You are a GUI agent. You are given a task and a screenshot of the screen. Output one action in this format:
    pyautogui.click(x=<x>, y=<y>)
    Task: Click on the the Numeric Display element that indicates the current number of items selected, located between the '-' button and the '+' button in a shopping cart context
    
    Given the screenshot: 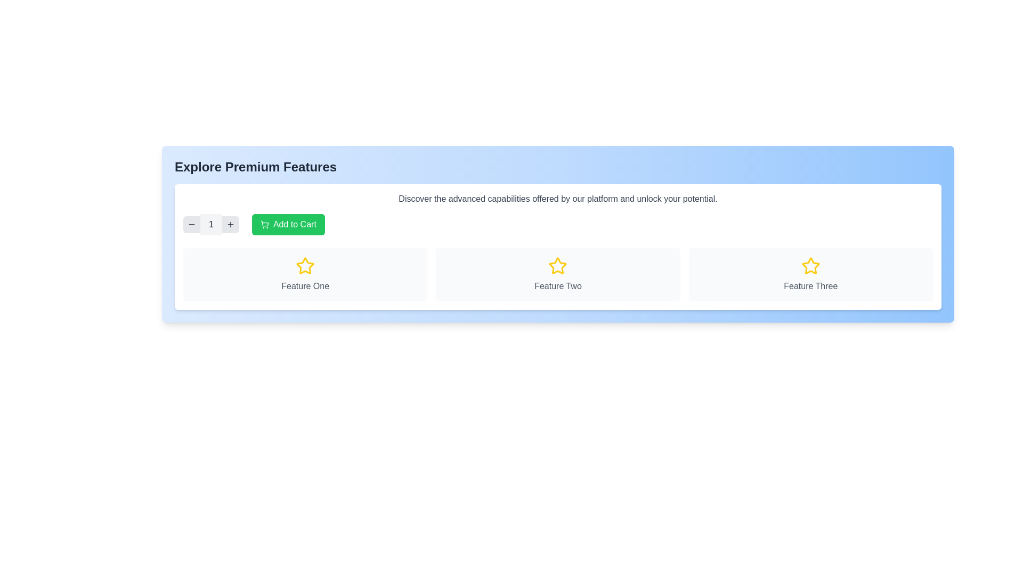 What is the action you would take?
    pyautogui.click(x=211, y=224)
    